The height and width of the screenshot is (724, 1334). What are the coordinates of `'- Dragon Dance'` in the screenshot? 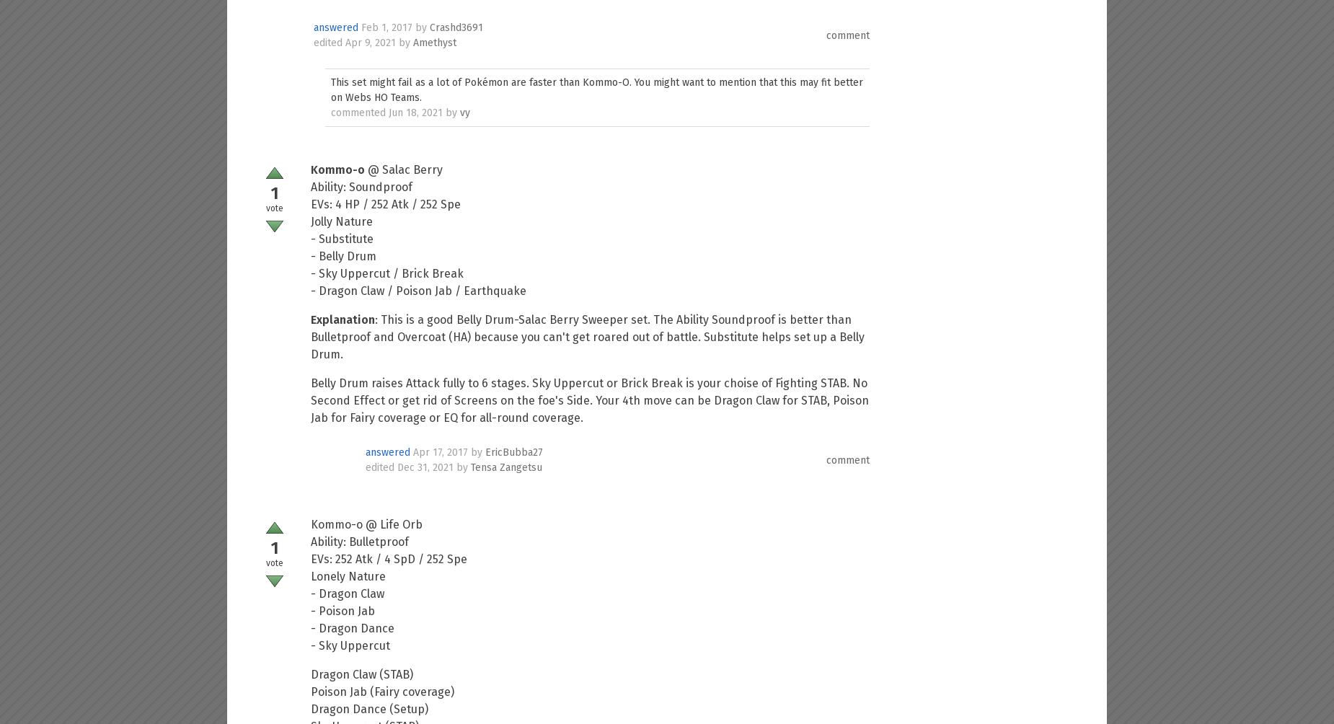 It's located at (352, 628).